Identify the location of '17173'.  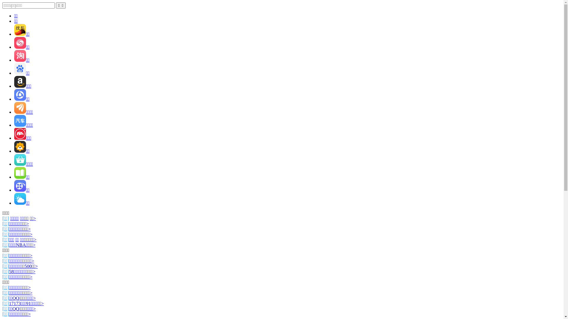
(14, 303).